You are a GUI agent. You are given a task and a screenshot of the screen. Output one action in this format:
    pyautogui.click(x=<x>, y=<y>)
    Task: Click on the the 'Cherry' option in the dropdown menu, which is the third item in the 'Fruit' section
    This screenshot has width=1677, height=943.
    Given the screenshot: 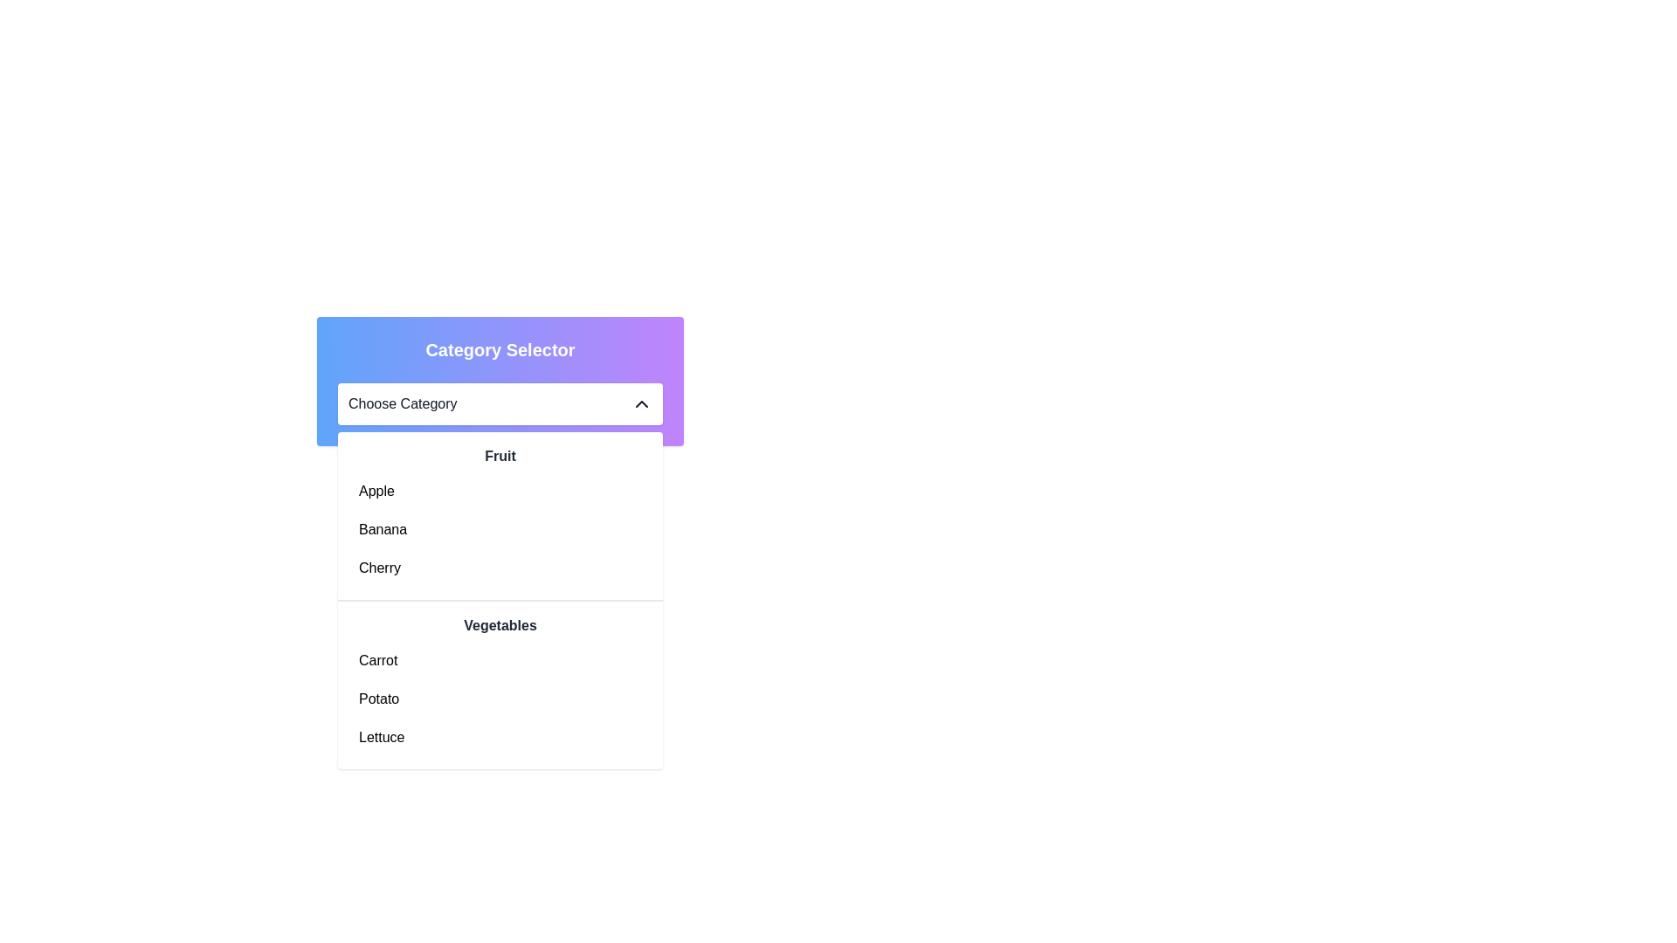 What is the action you would take?
    pyautogui.click(x=499, y=568)
    